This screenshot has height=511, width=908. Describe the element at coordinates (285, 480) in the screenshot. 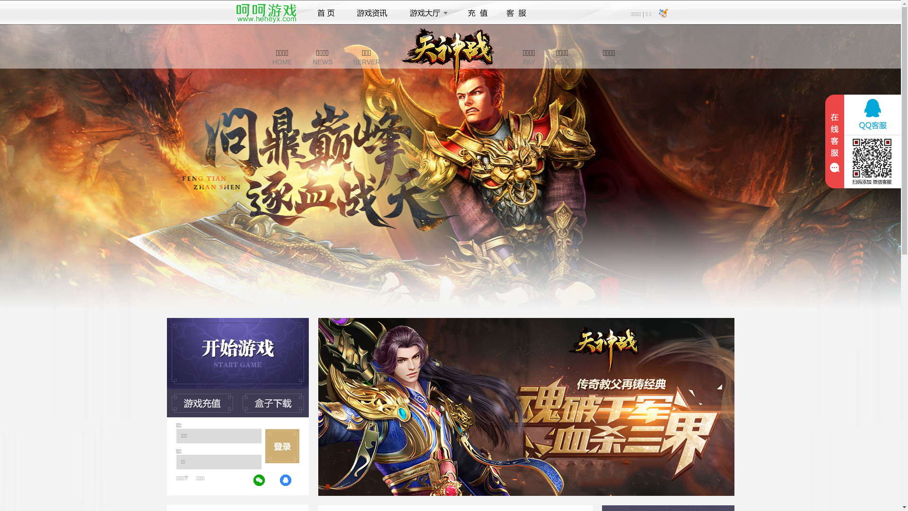

I see `'QQ'` at that location.